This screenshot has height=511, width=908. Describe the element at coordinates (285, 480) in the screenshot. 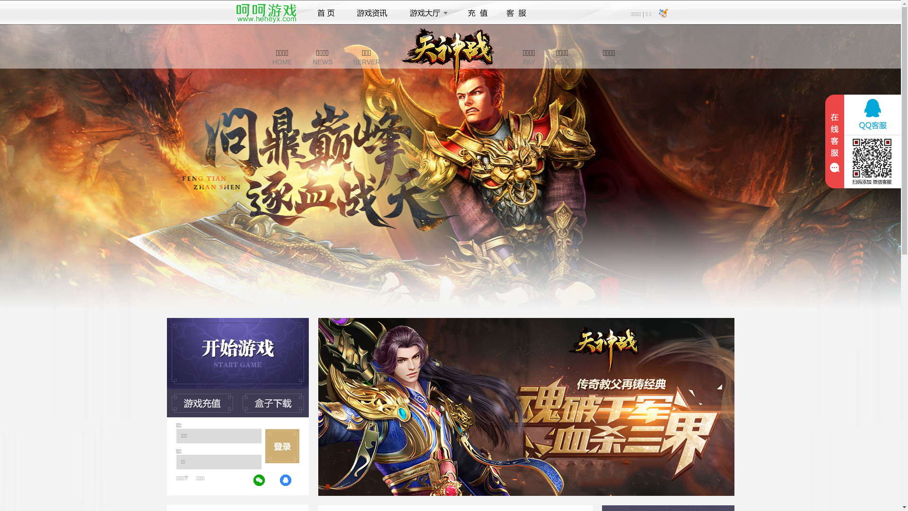

I see `'QQ'` at that location.